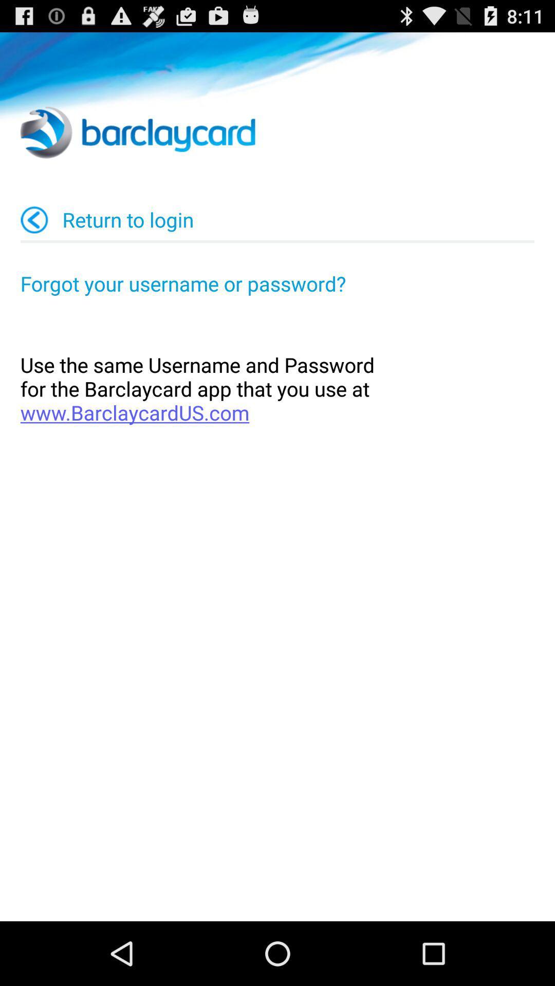 This screenshot has height=986, width=555. Describe the element at coordinates (277, 388) in the screenshot. I see `the icon below the forgot your username item` at that location.